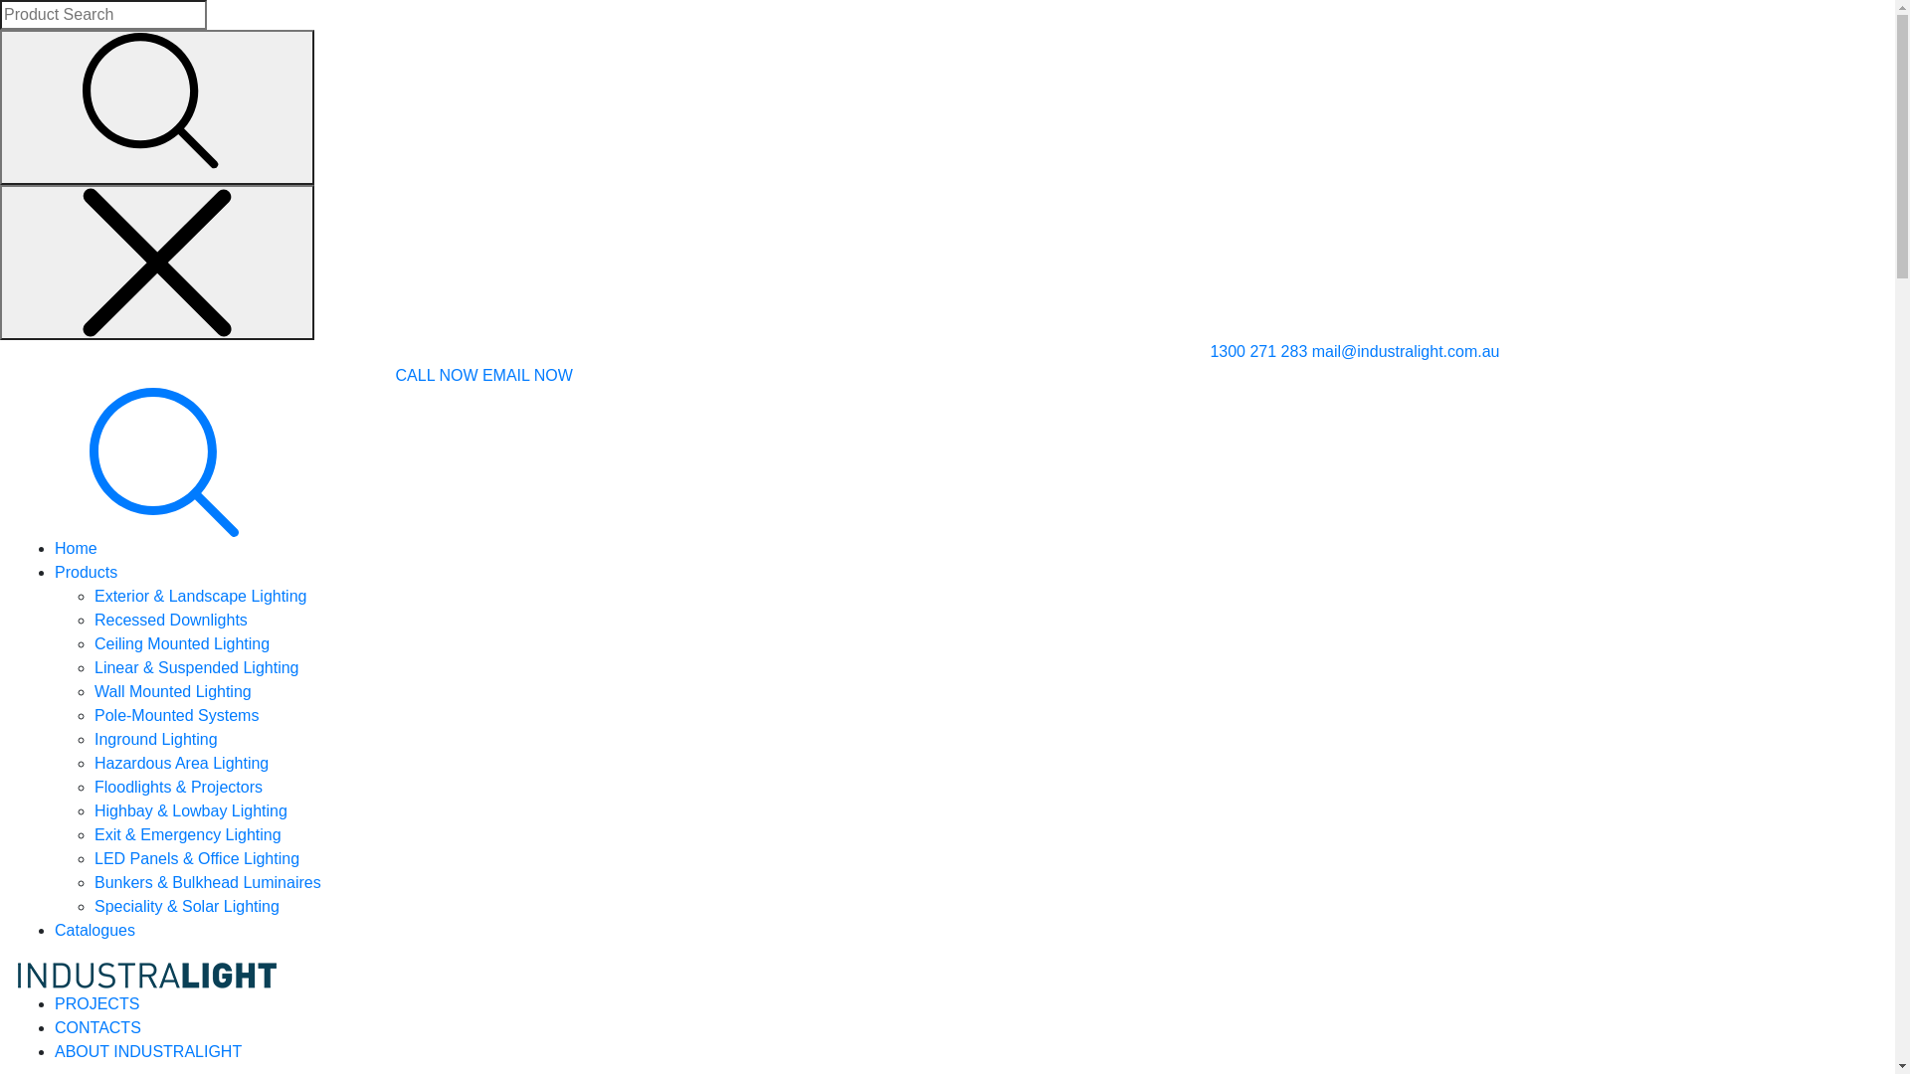 This screenshot has height=1074, width=1910. Describe the element at coordinates (85, 572) in the screenshot. I see `'Products'` at that location.